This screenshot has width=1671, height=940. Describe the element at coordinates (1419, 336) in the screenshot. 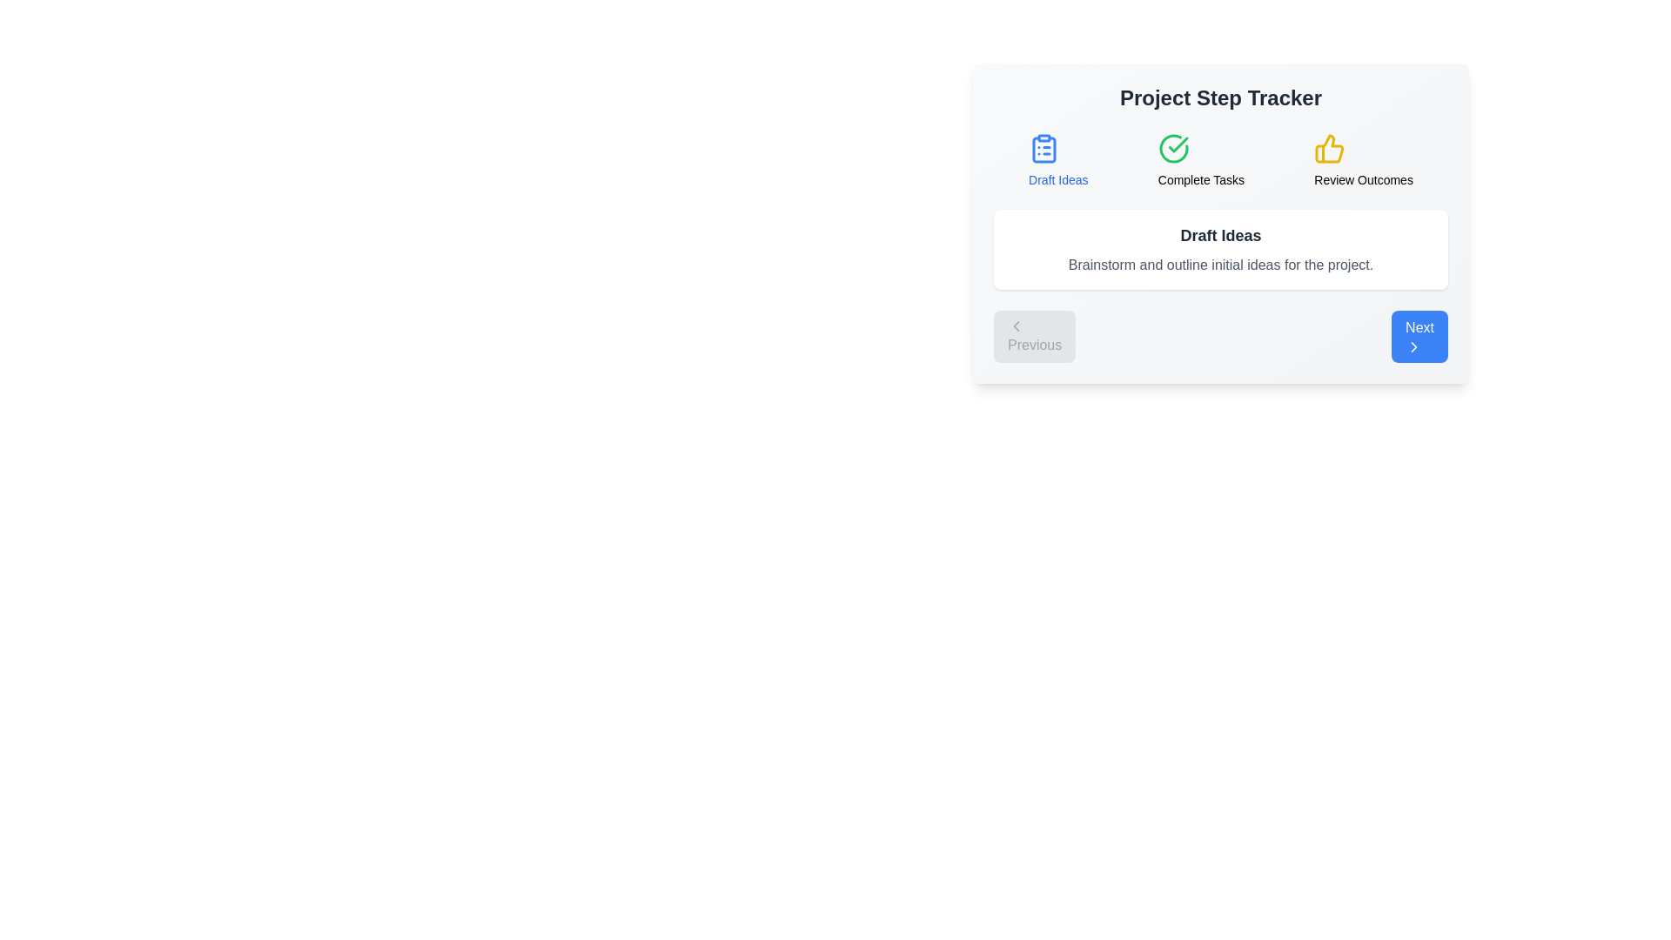

I see `the 'Next' button to navigate to the next step` at that location.